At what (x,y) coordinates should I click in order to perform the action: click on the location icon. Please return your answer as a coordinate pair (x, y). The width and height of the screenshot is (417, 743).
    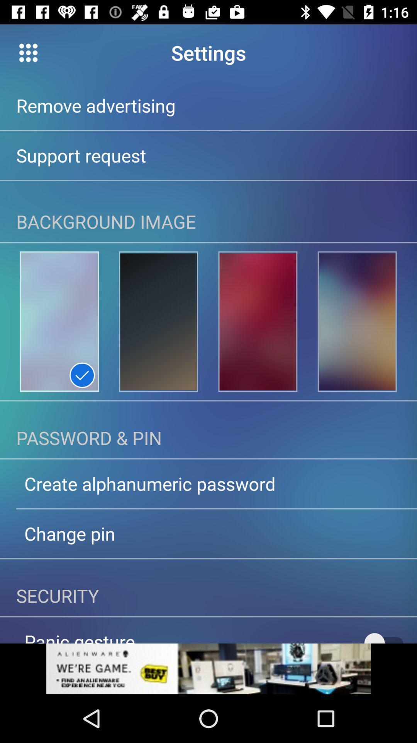
    Looking at the image, I should click on (158, 322).